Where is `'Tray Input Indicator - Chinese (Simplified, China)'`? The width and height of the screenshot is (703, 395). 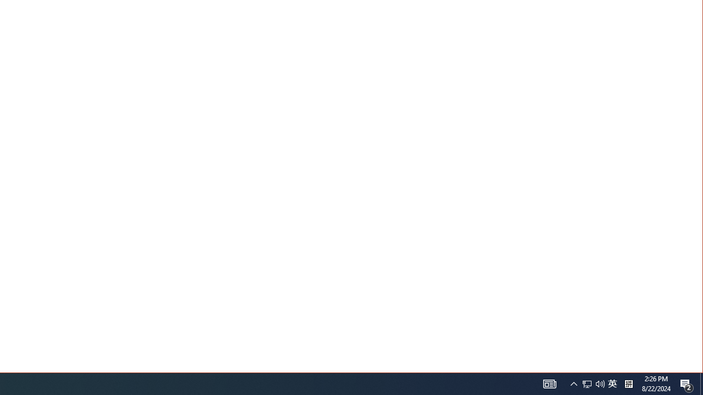 'Tray Input Indicator - Chinese (Simplified, China)' is located at coordinates (612, 383).